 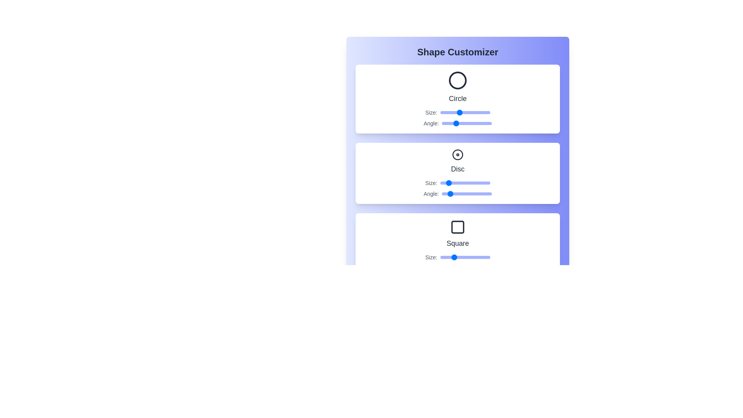 I want to click on the Circle size slider to 42, so click(x=454, y=112).